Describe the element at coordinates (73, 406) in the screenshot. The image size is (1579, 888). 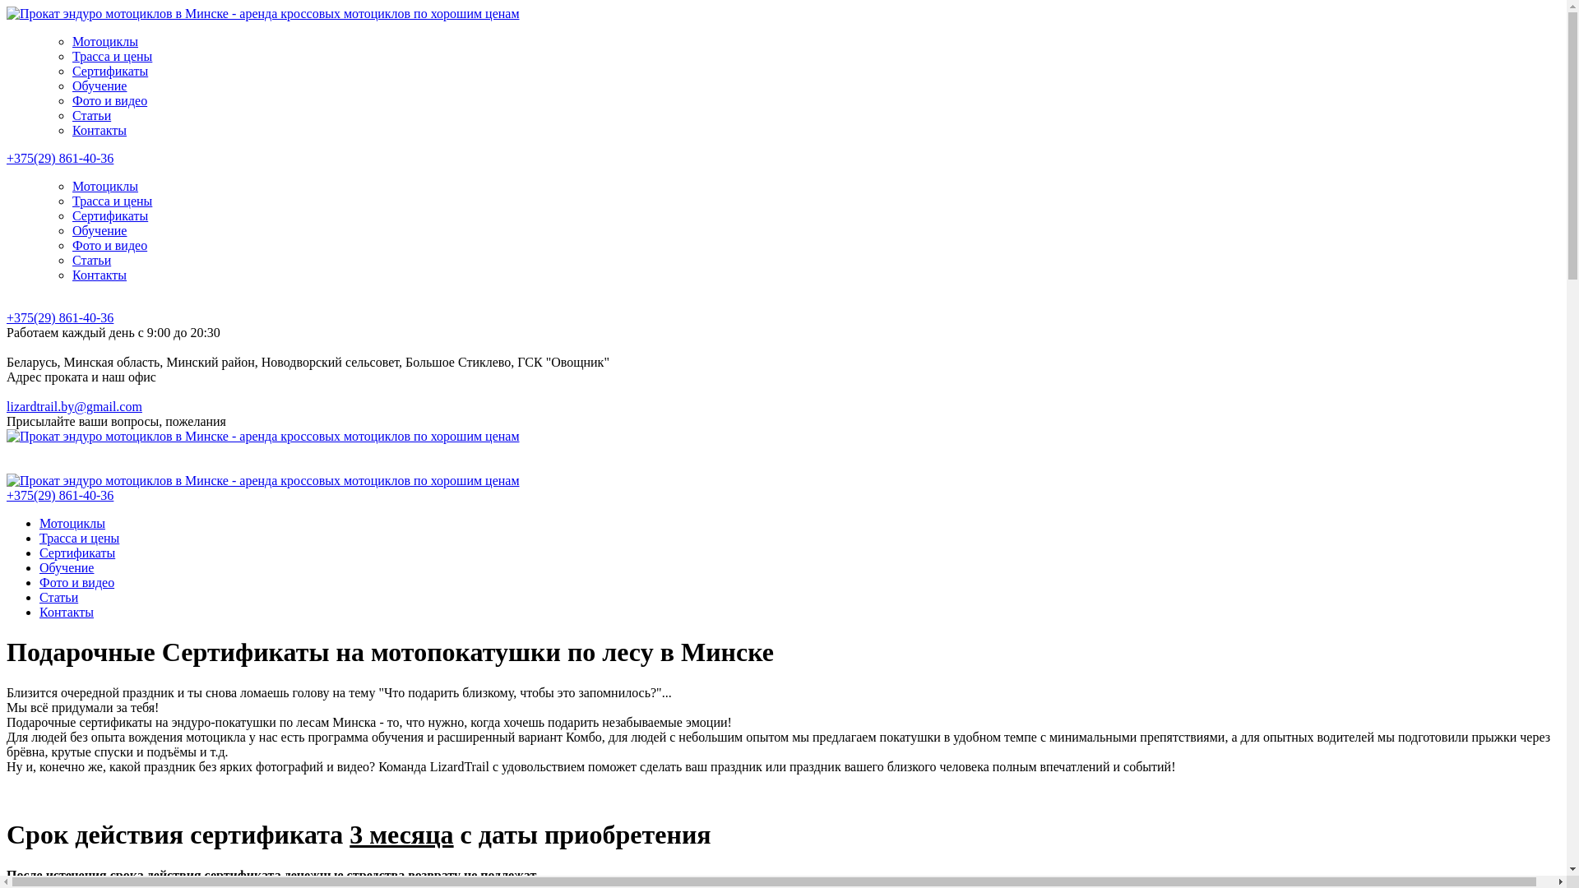
I see `'lizardtrail.by@gmail.com'` at that location.